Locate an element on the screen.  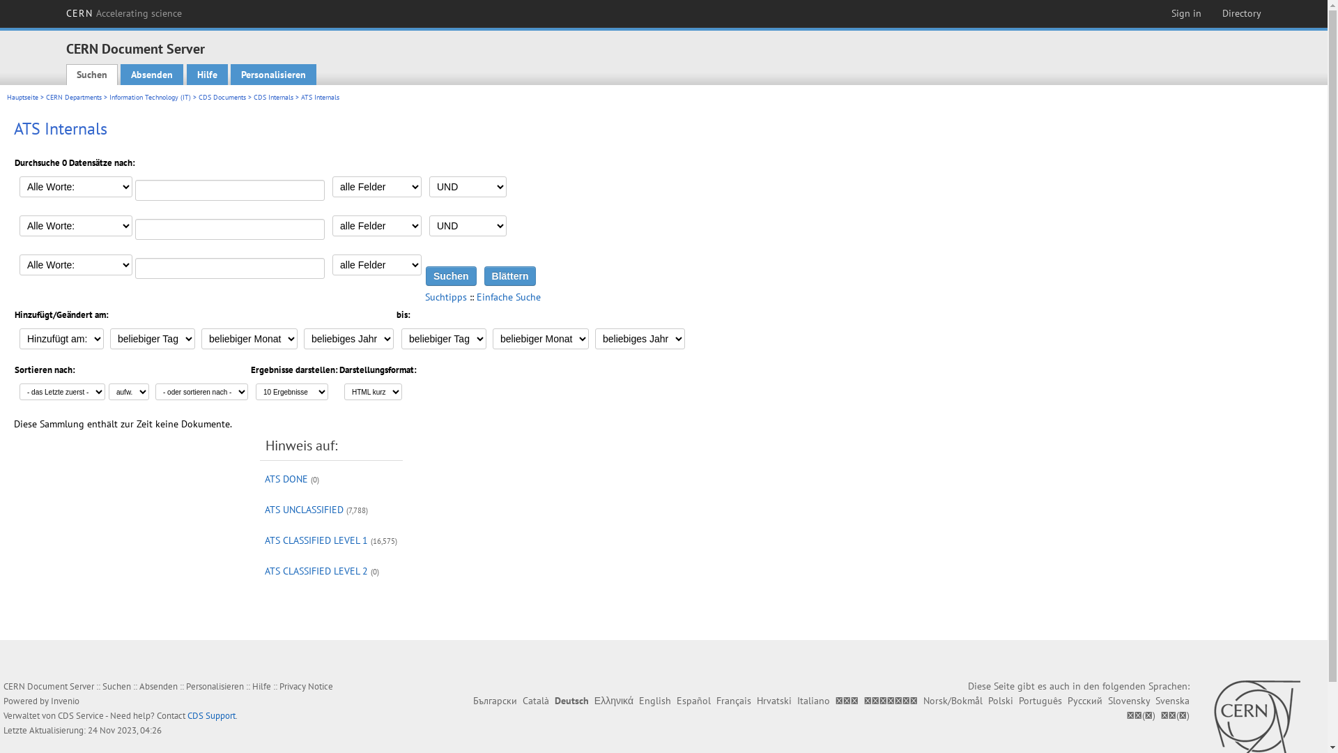
'ATS UNCLASSIFIED' is located at coordinates (303, 510).